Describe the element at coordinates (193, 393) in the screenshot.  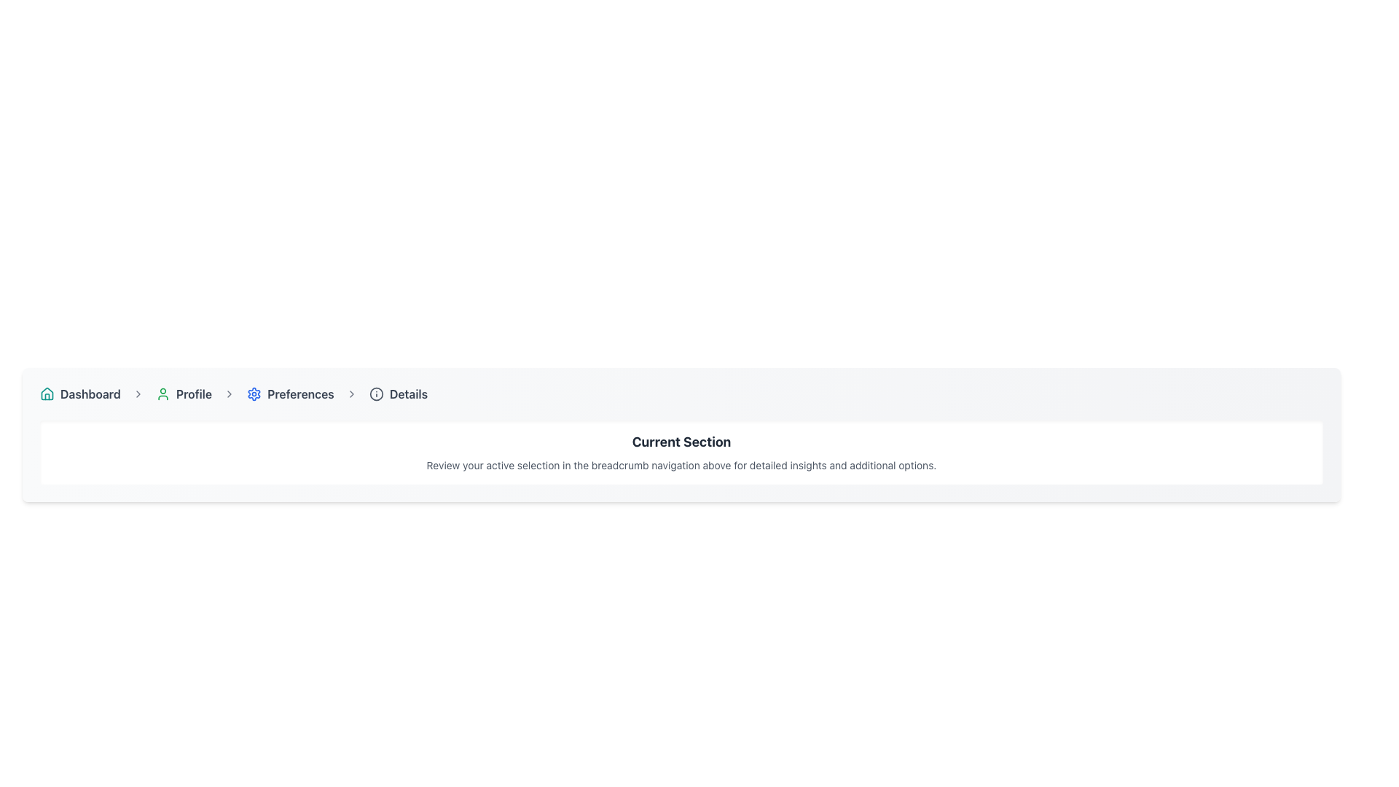
I see `the 'Profile' label in the breadcrumb navigation bar, which is styled in bold gray font and located next to a user icon` at that location.